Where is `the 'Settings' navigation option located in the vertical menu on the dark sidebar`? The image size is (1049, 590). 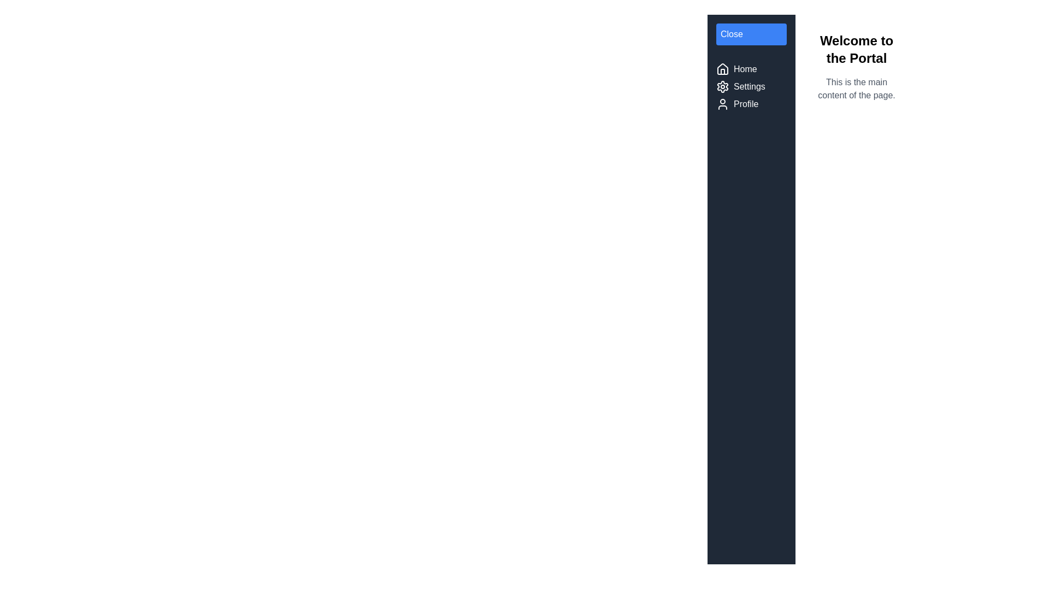 the 'Settings' navigation option located in the vertical menu on the dark sidebar is located at coordinates (750, 86).